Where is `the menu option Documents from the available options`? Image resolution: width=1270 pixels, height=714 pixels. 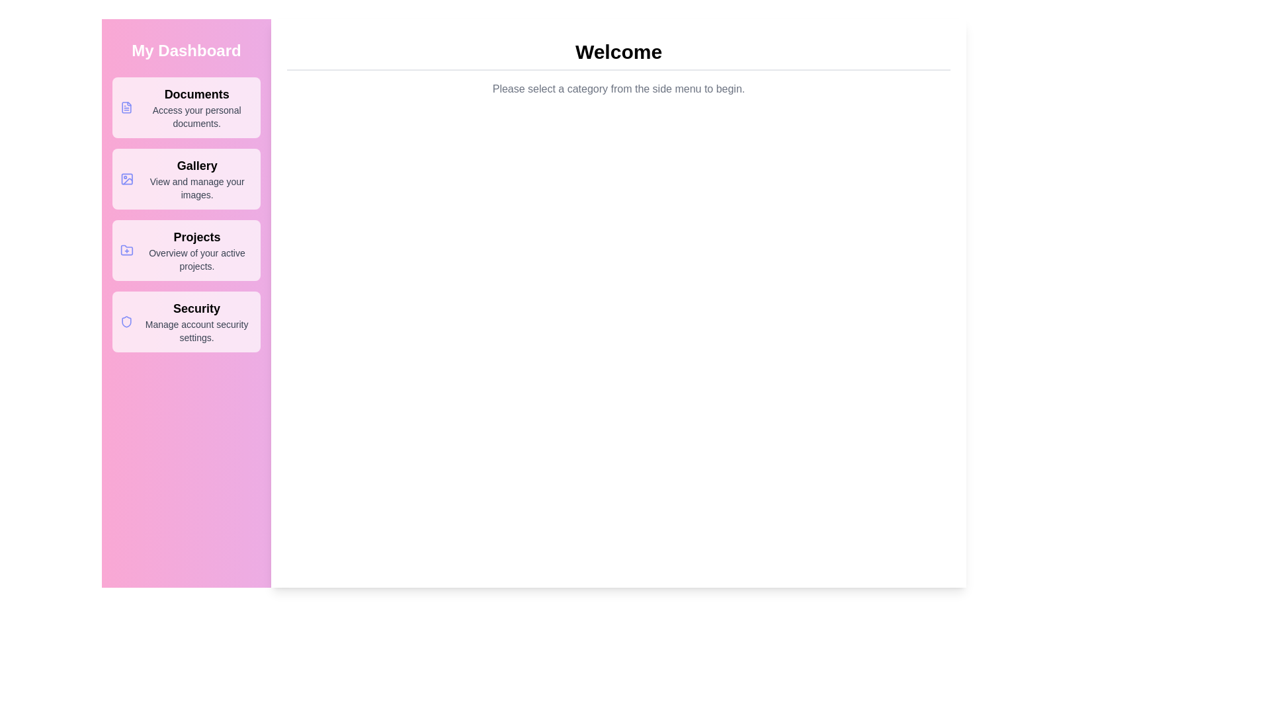
the menu option Documents from the available options is located at coordinates (186, 106).